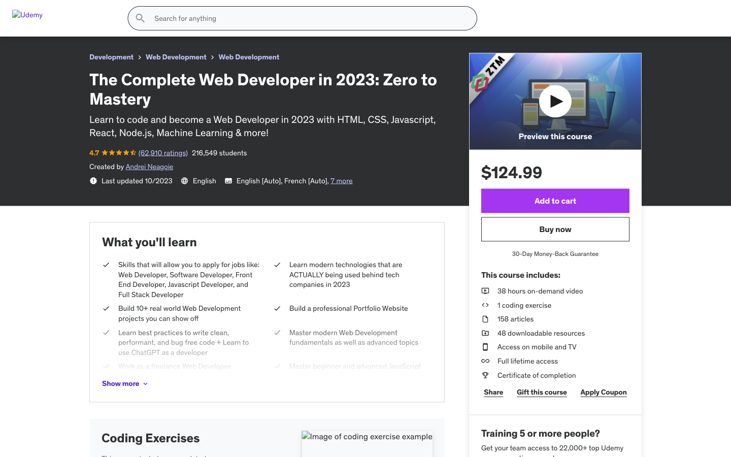 The height and width of the screenshot is (457, 731). I want to click on the subsequent product image, so click(429, 261).